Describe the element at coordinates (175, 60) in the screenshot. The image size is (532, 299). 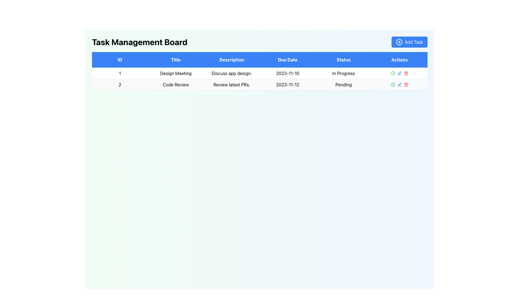
I see `the Table header cell containing the text 'Title', which is displayed in white on a blue background, located in the top horizontal row of the tabular layout` at that location.